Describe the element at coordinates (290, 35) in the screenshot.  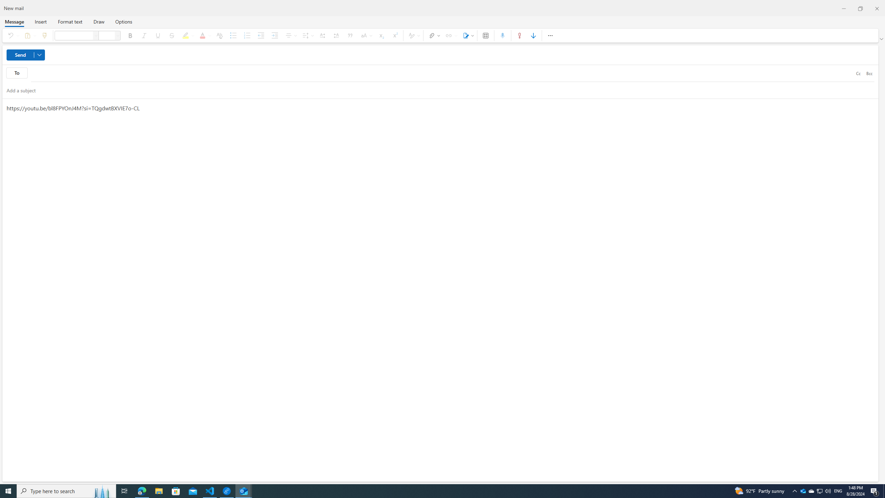
I see `'Align'` at that location.